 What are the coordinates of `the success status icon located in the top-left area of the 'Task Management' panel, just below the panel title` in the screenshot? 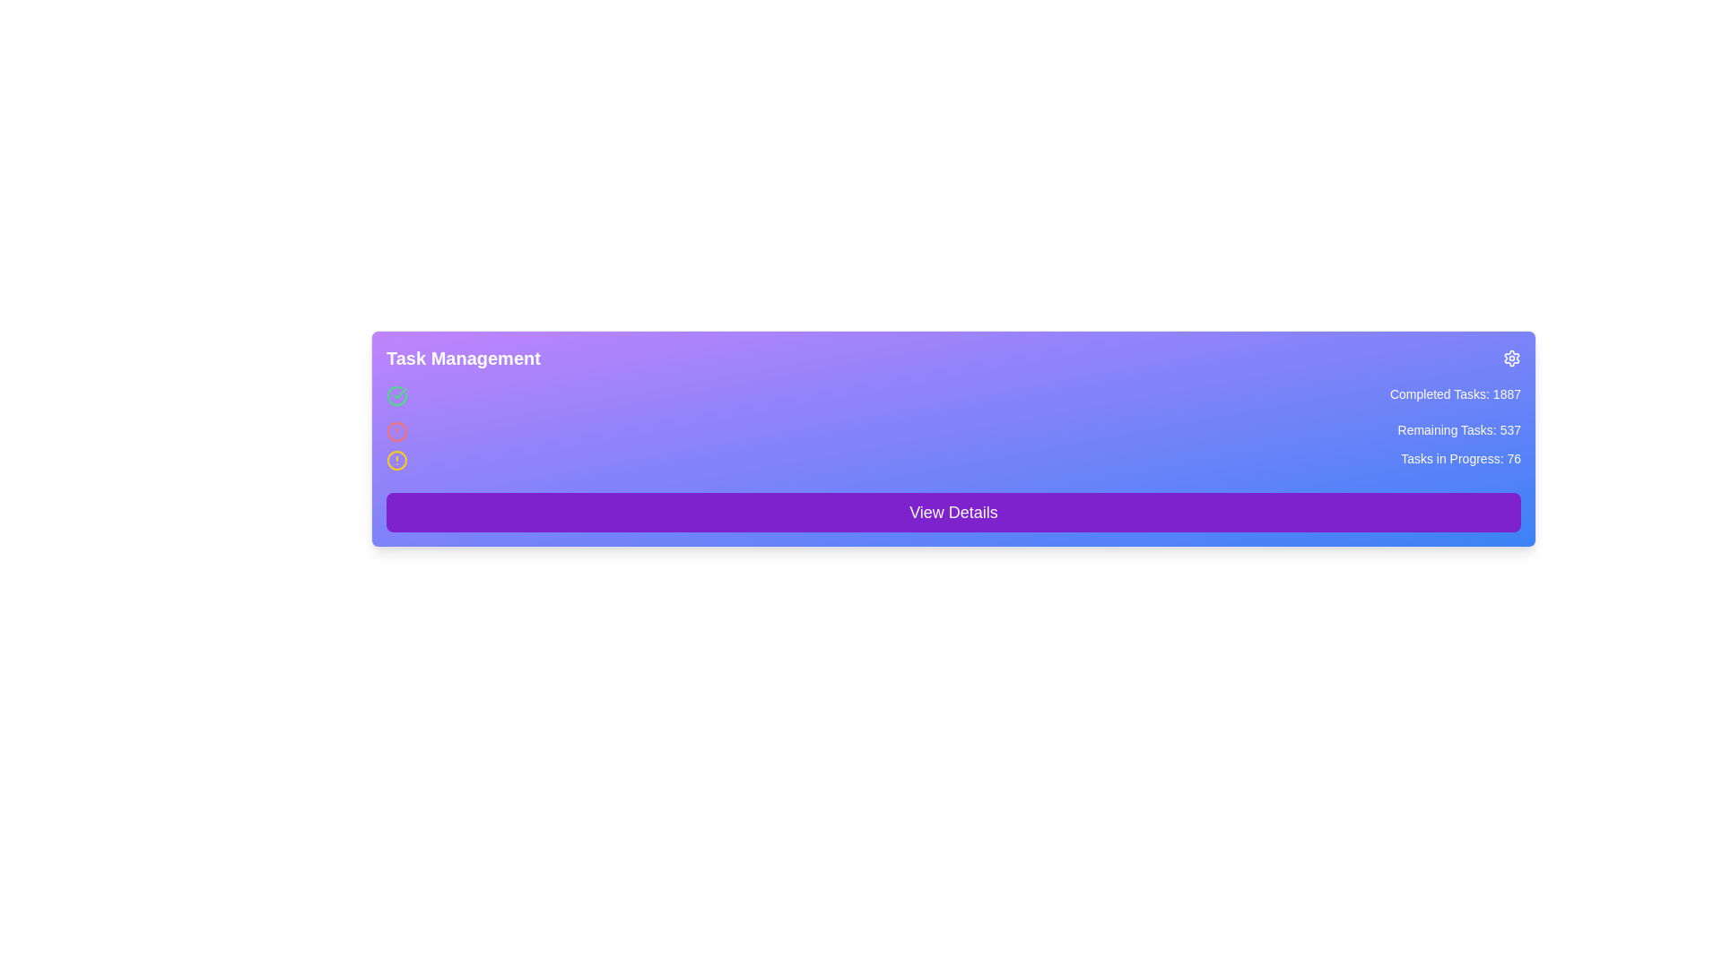 It's located at (399, 393).